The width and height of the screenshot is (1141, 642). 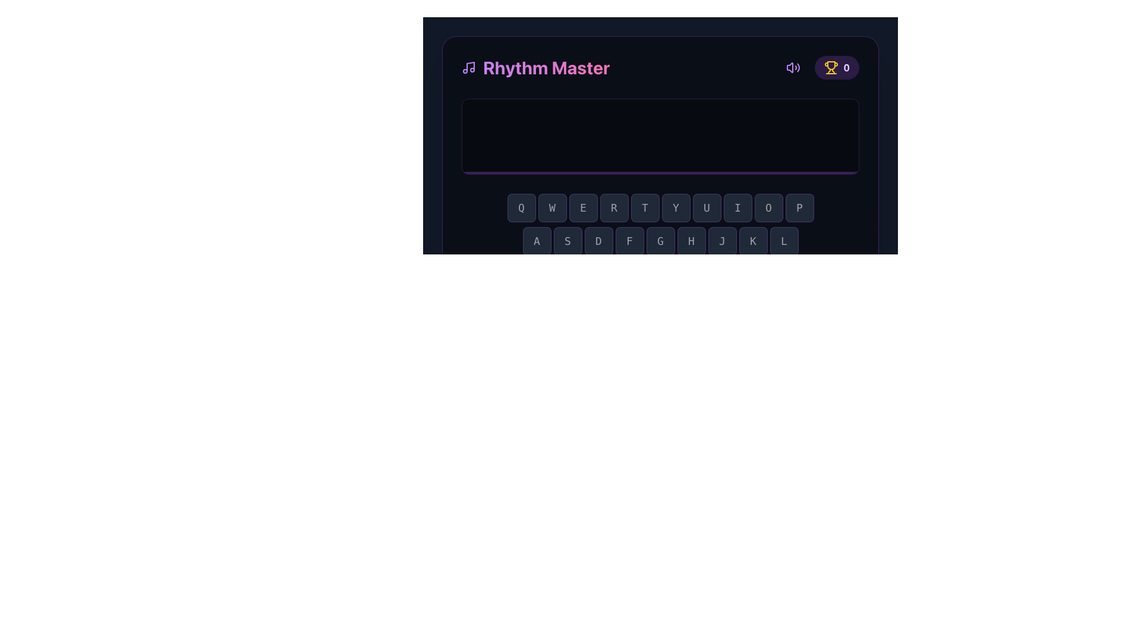 What do you see at coordinates (583, 207) in the screenshot?
I see `the button representing the letter 'E' on the virtual keyboard to input the letter 'E'` at bounding box center [583, 207].